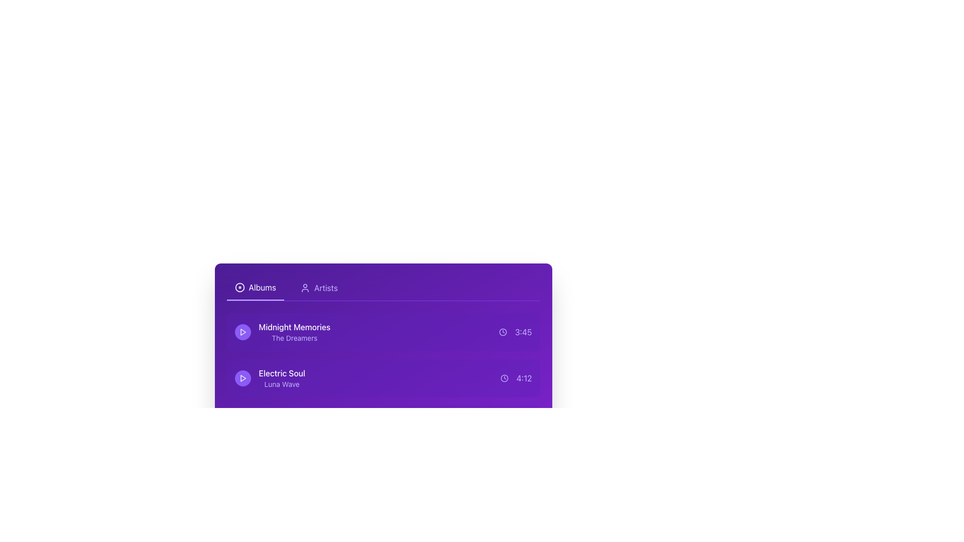 This screenshot has width=964, height=542. I want to click on the informative label for the media item located in the purple panel, positioned between the 'Midnight Memories' label and the timestamp '4:12', so click(270, 378).